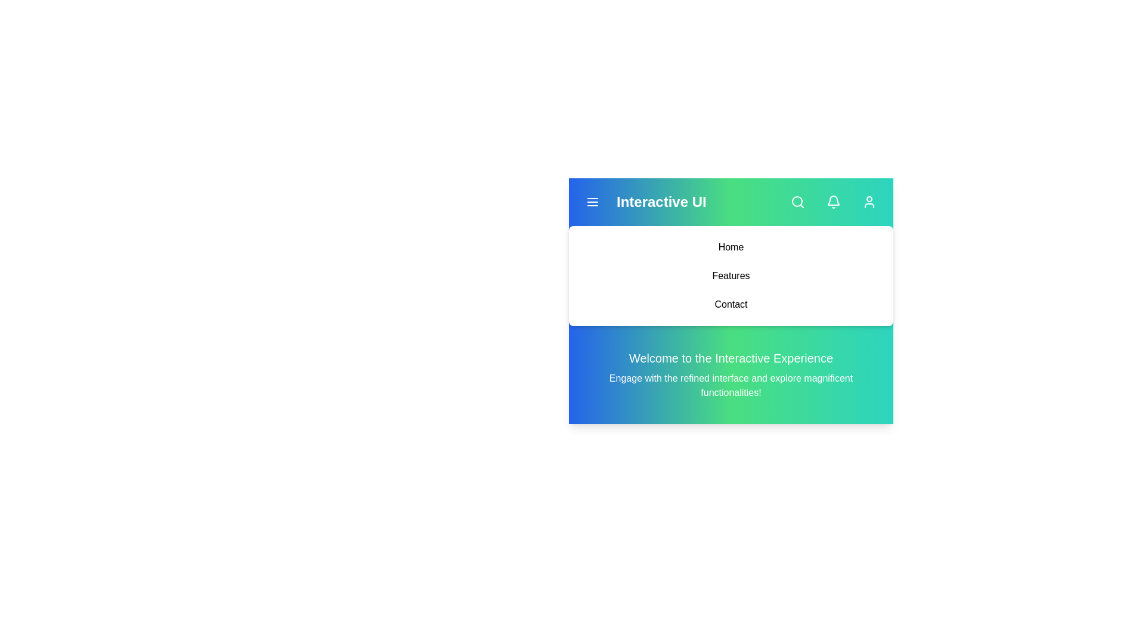  I want to click on the 'User' button to interact with it, so click(869, 202).